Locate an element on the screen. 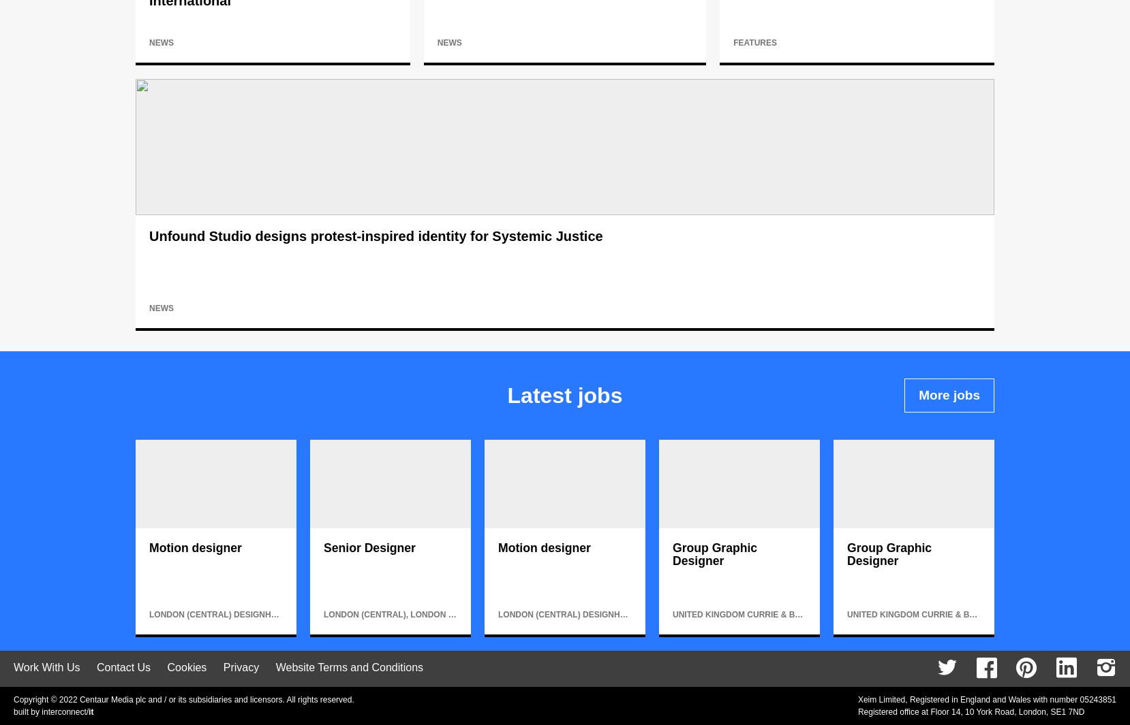 This screenshot has width=1130, height=725. 'it' is located at coordinates (90, 712).